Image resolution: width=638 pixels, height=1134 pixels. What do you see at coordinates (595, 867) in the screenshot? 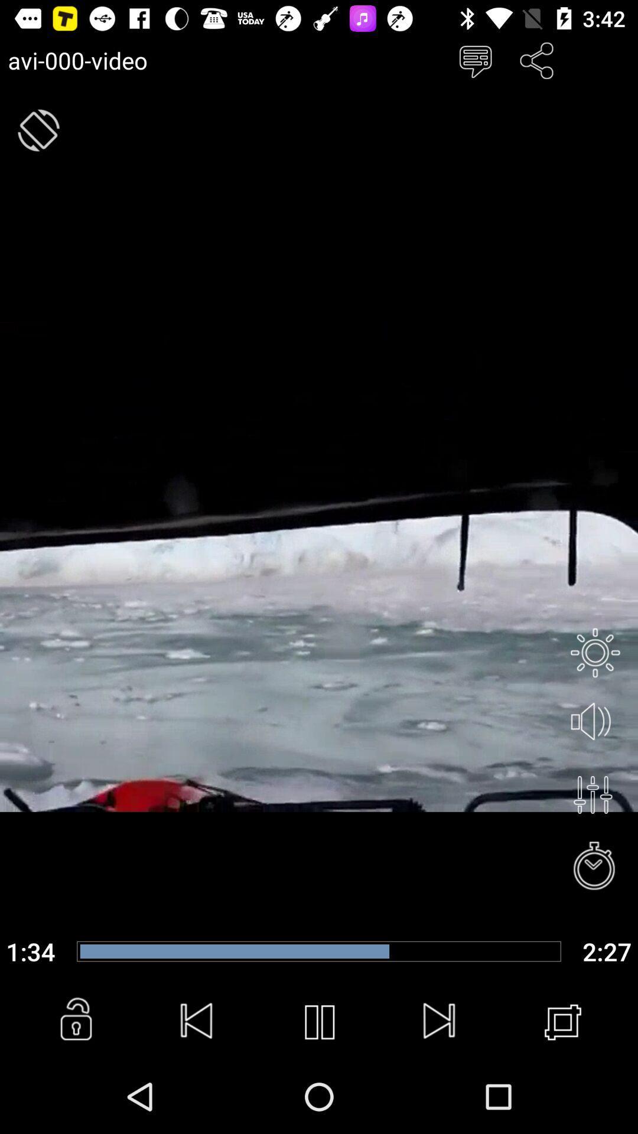
I see `time options setting` at bounding box center [595, 867].